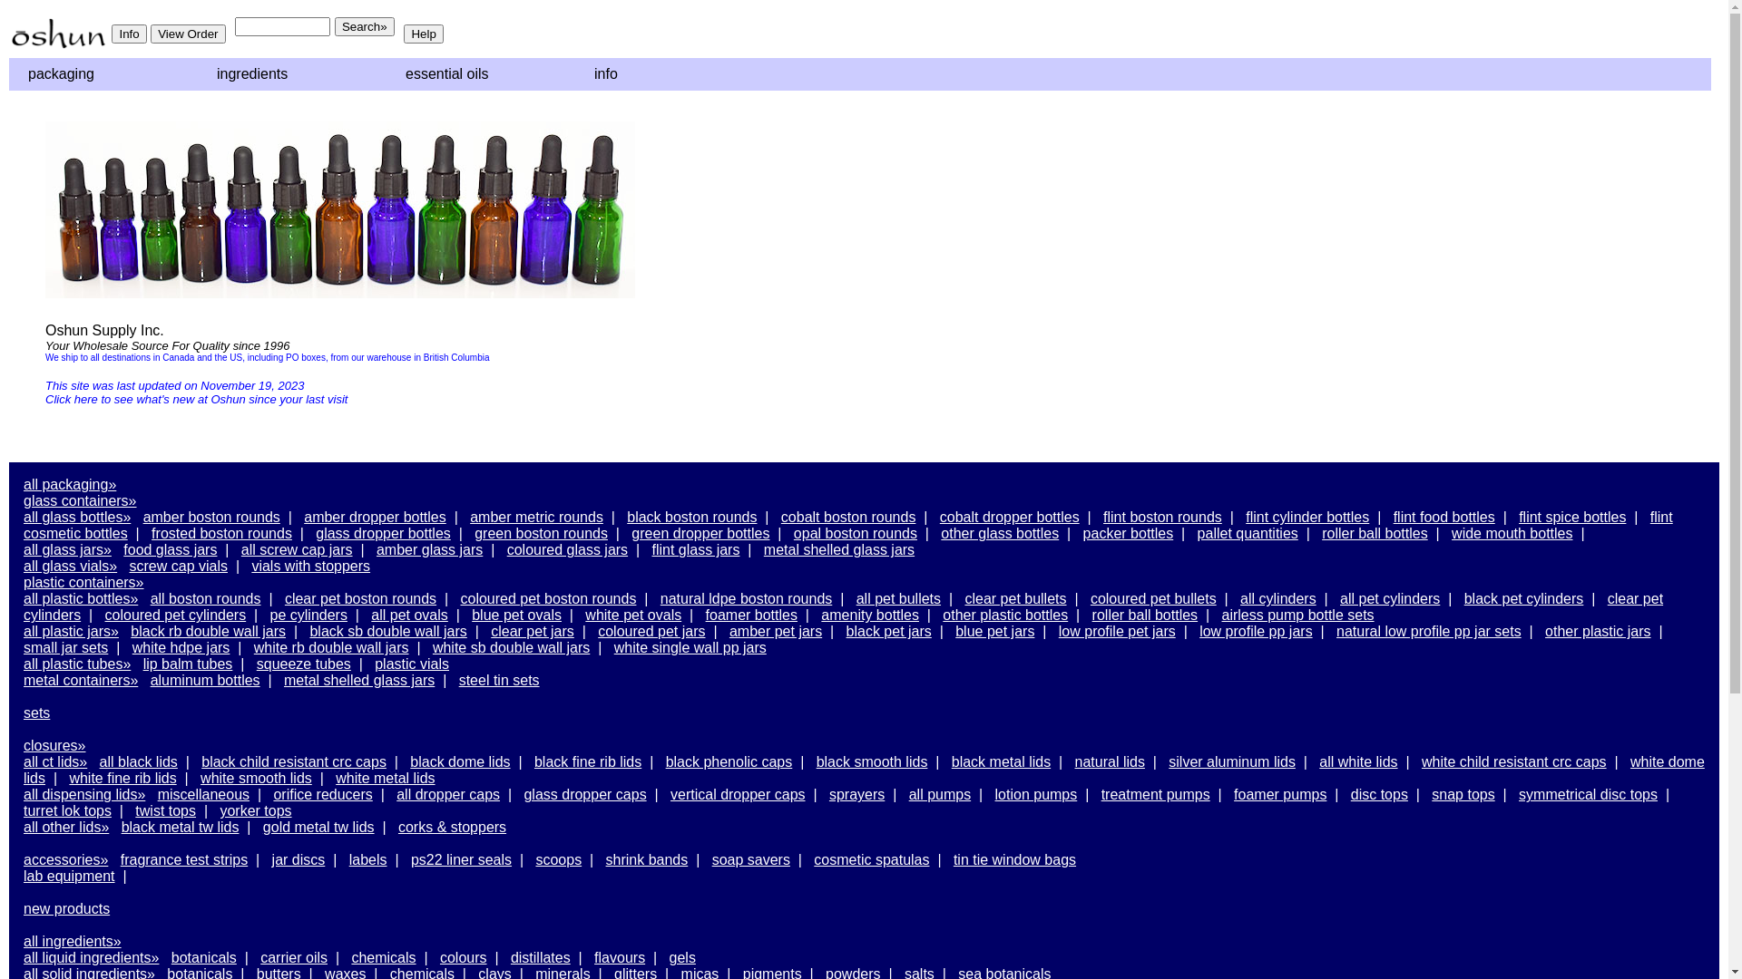 The width and height of the screenshot is (1742, 979). What do you see at coordinates (1463, 793) in the screenshot?
I see `'snap tops'` at bounding box center [1463, 793].